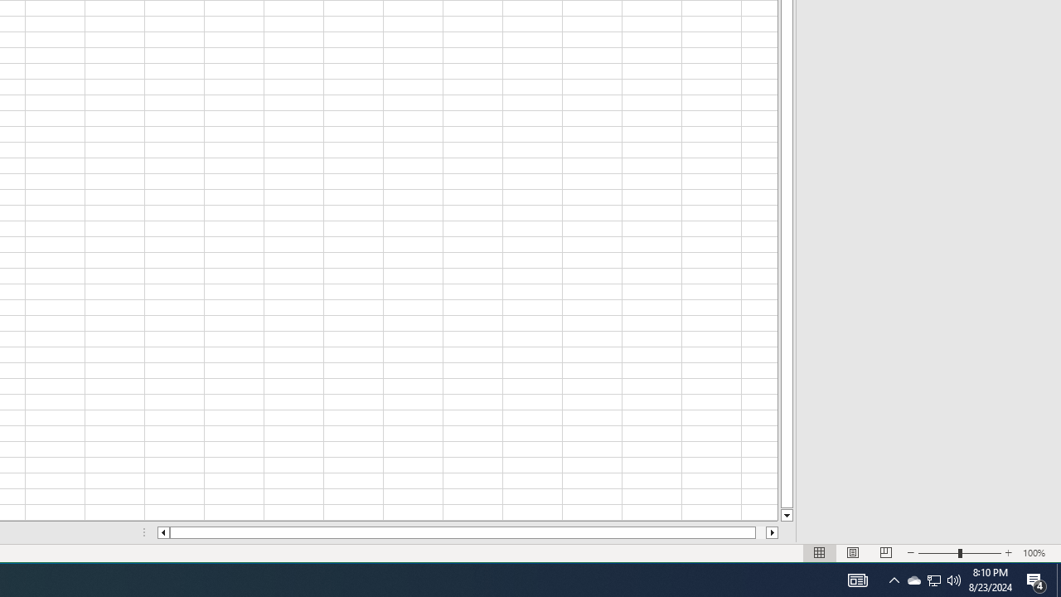 The height and width of the screenshot is (597, 1061). I want to click on 'Show desktop', so click(1058, 579).